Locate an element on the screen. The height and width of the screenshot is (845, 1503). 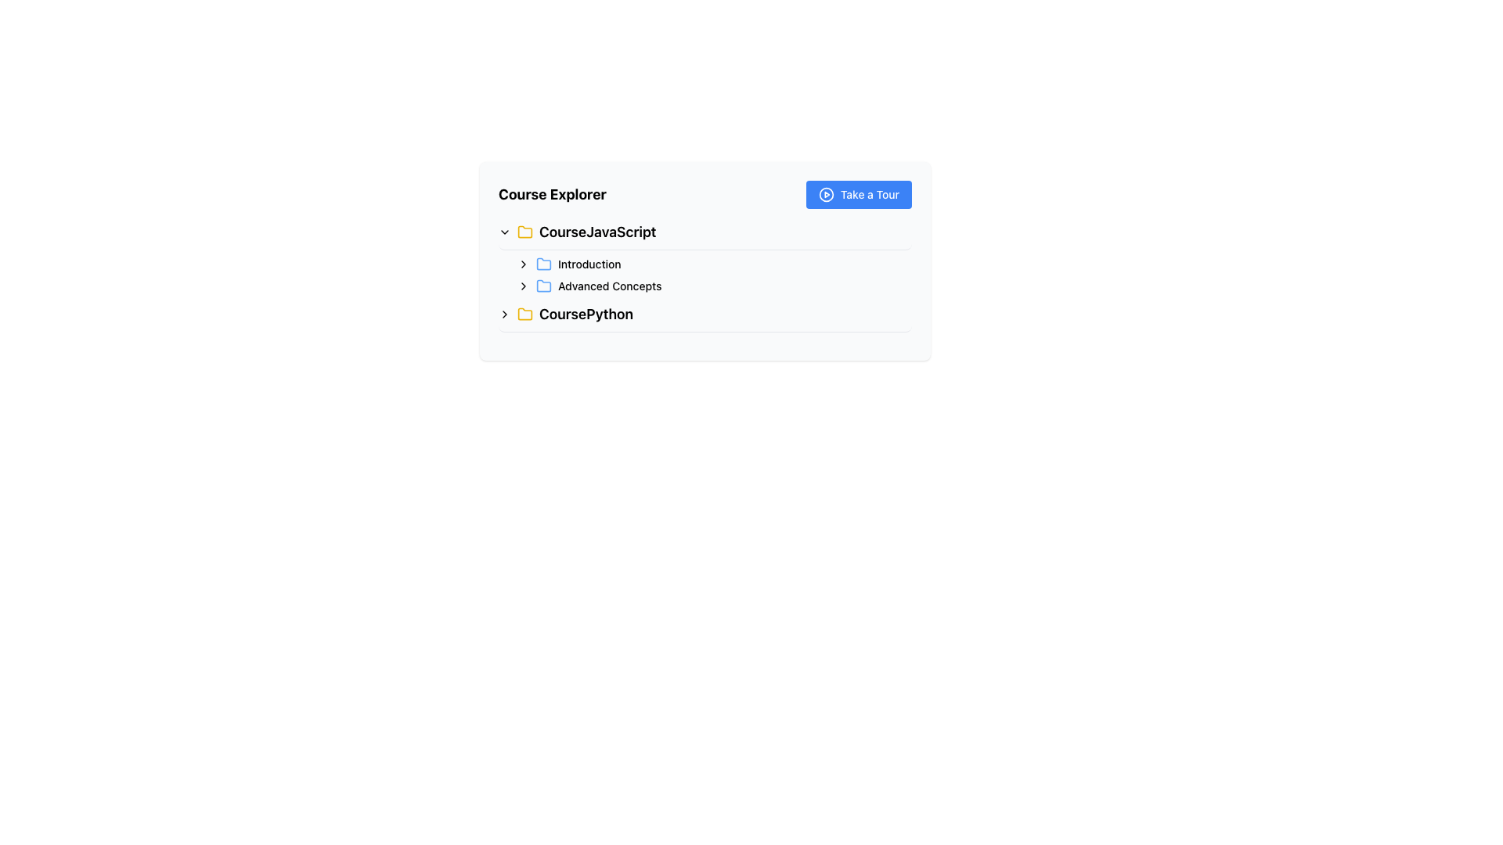
the light blue folder icon associated with 'Advanced Concepts' in the 'Course Explorer' menu to interact with it is located at coordinates (544, 286).